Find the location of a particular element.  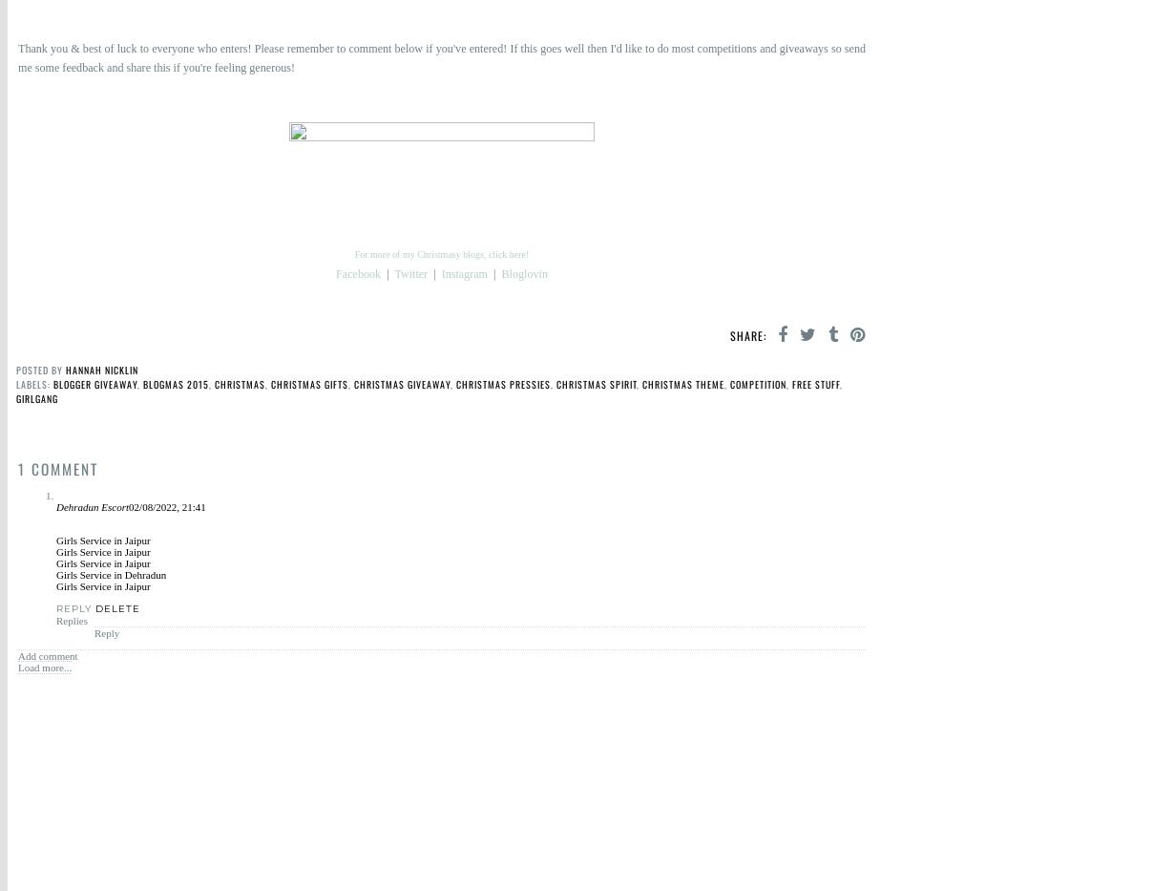

'Christmas gifts' is located at coordinates (308, 384).